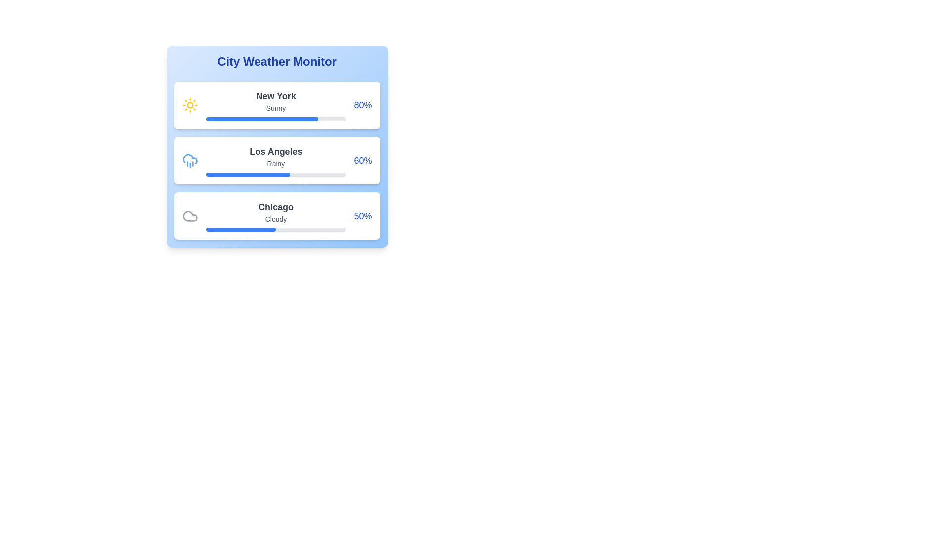 This screenshot has height=534, width=949. I want to click on the filled portion of the third progress bar in the card labeled 'Chicago' in the 'City Weather Monitor' section, which represents a 50% value, so click(241, 230).